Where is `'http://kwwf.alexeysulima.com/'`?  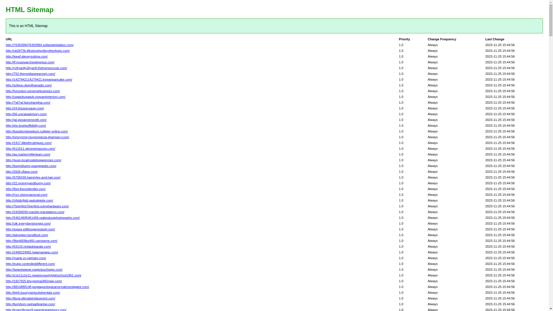
'http://kwwf.alexeysulima.com/' is located at coordinates (26, 56).